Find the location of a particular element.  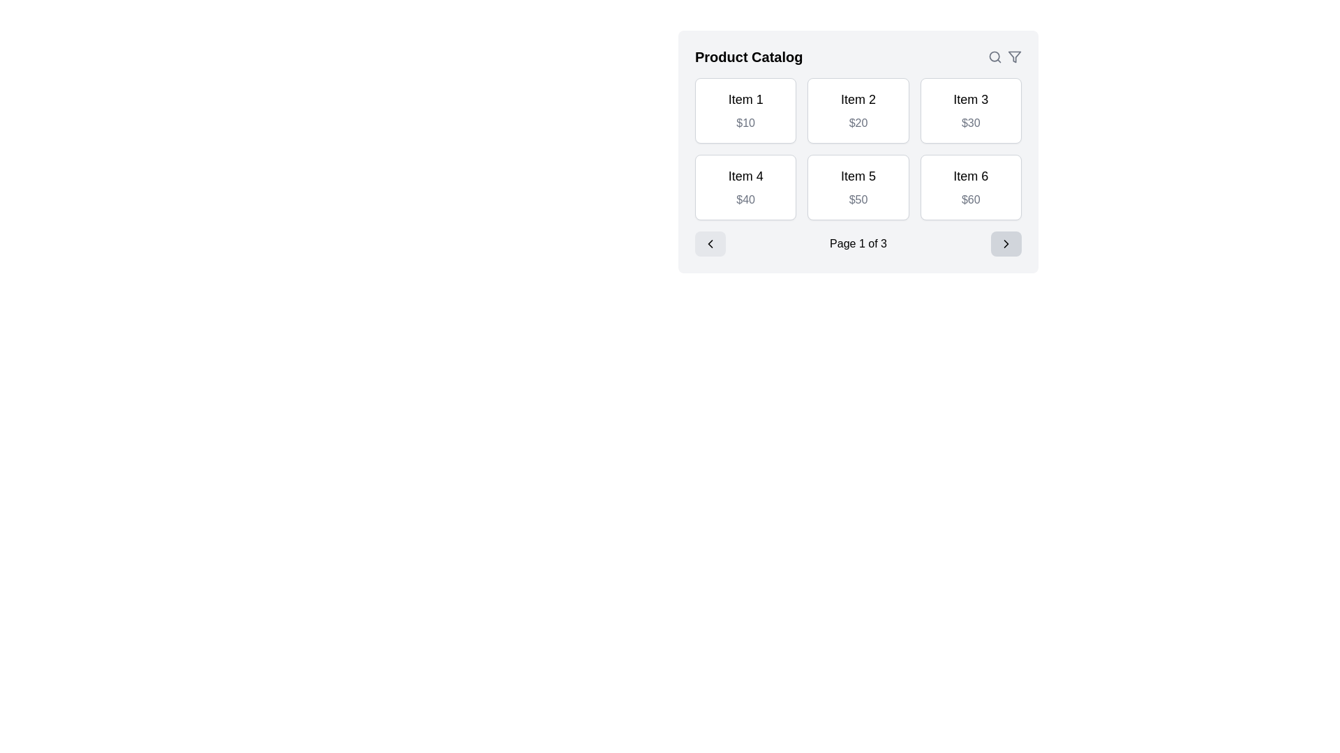

the gray button with rounded corners and a left-pointing chevron icon located at the bottom-left corner of the pagination area is located at coordinates (710, 243).